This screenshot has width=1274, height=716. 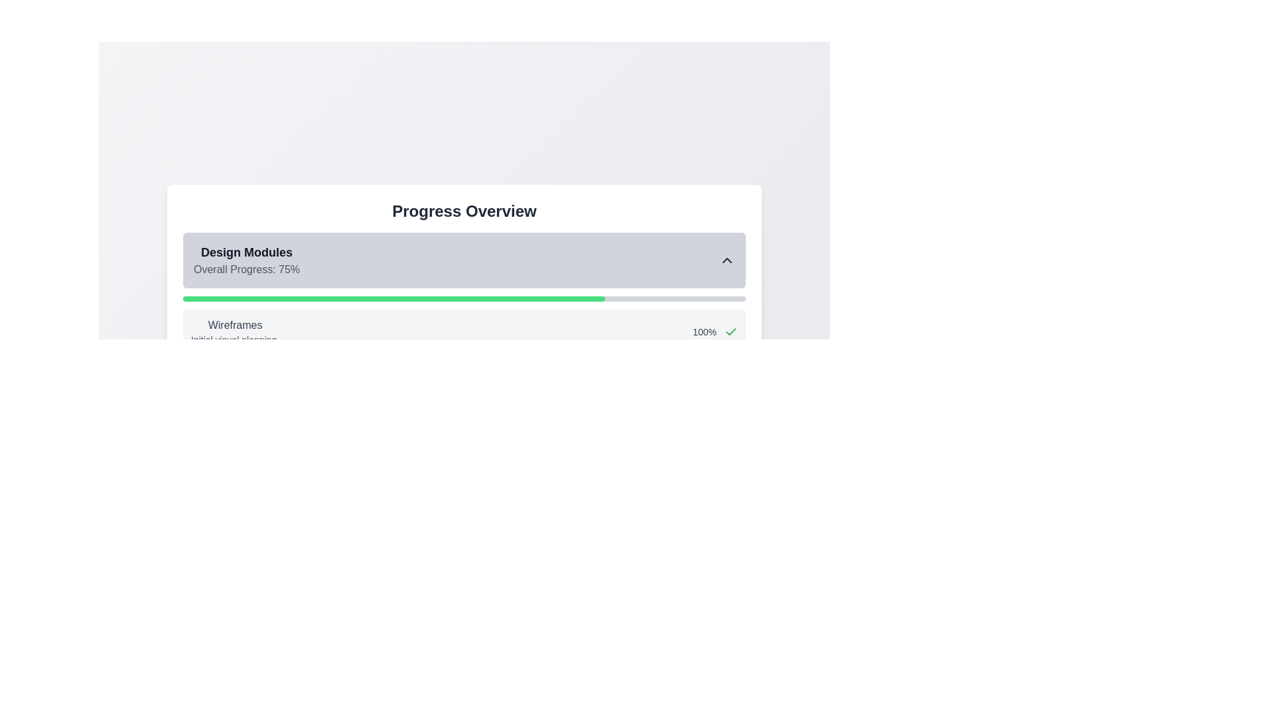 What do you see at coordinates (464, 299) in the screenshot?
I see `the Progress Indicator located in the 'Progress Overview' section, which visually represents the progress at approximately 75%` at bounding box center [464, 299].